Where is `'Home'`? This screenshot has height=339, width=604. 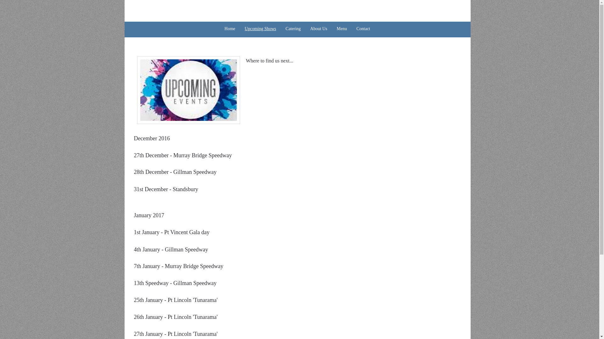
'Home' is located at coordinates (229, 29).